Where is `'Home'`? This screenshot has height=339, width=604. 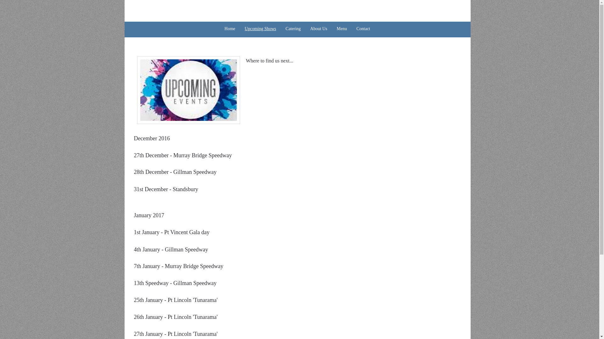
'Home' is located at coordinates (229, 29).